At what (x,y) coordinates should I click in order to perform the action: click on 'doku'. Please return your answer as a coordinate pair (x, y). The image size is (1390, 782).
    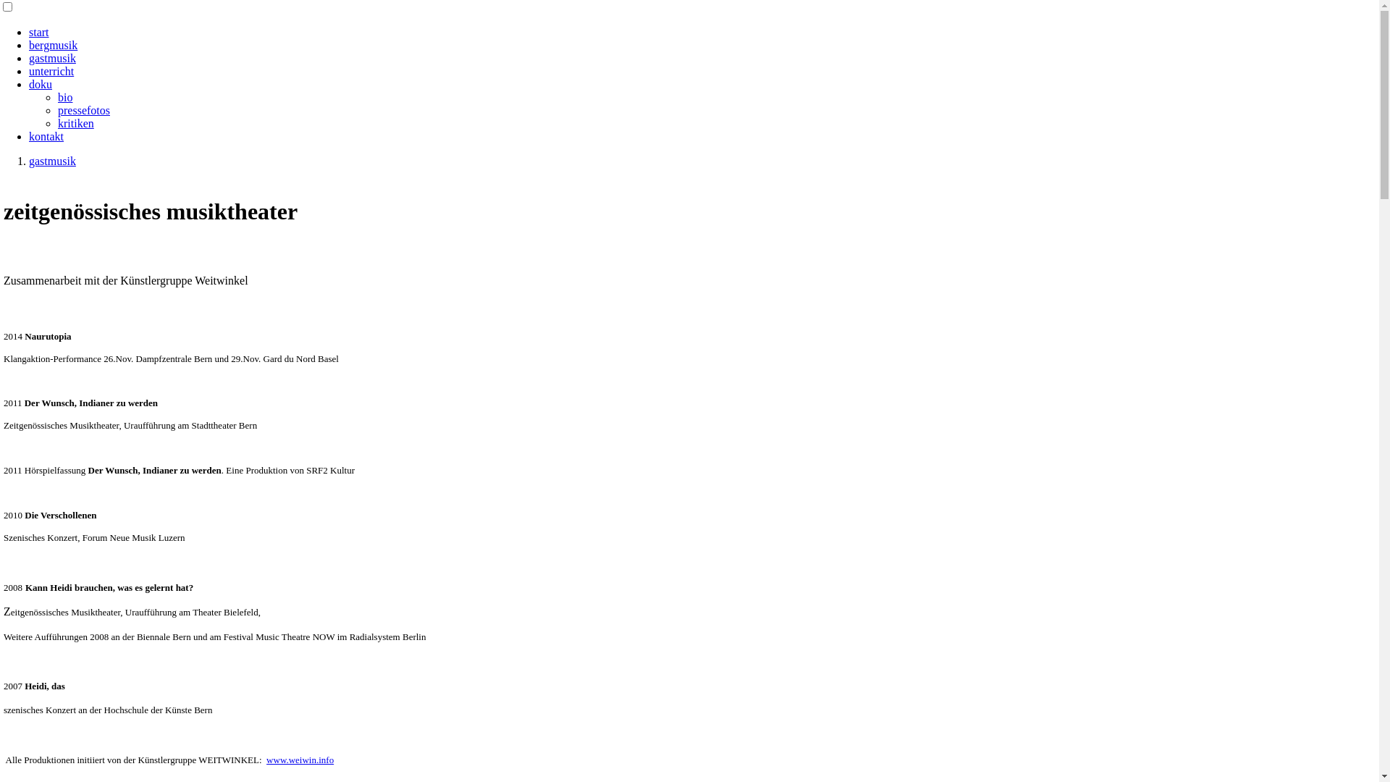
    Looking at the image, I should click on (28, 84).